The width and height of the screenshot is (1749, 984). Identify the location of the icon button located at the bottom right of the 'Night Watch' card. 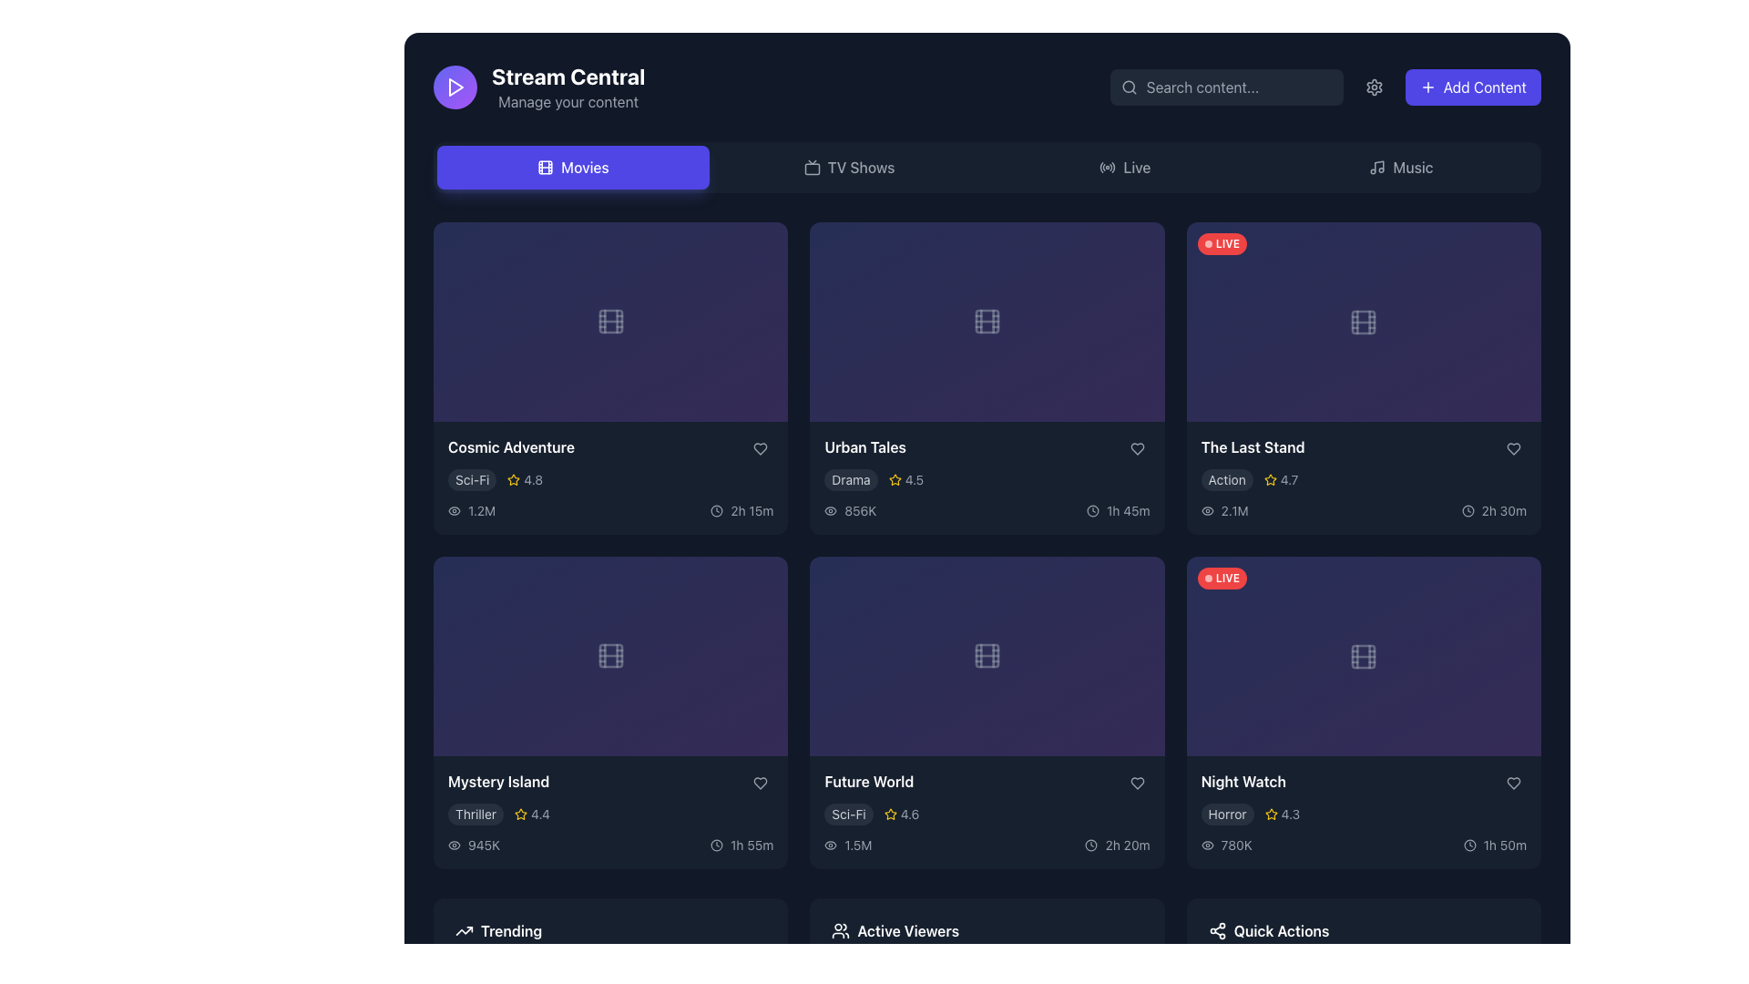
(1513, 783).